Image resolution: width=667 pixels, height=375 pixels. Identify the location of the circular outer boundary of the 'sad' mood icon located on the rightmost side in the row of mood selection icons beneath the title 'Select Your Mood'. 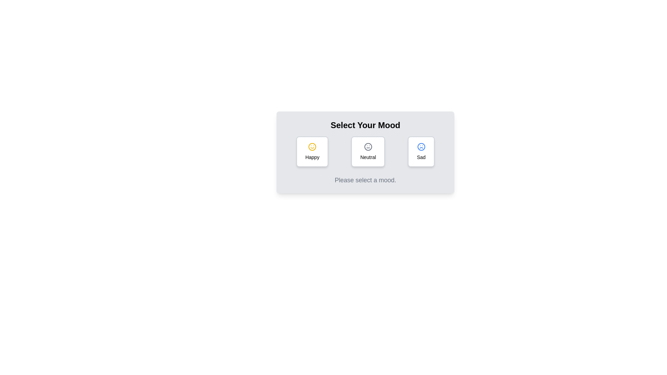
(421, 147).